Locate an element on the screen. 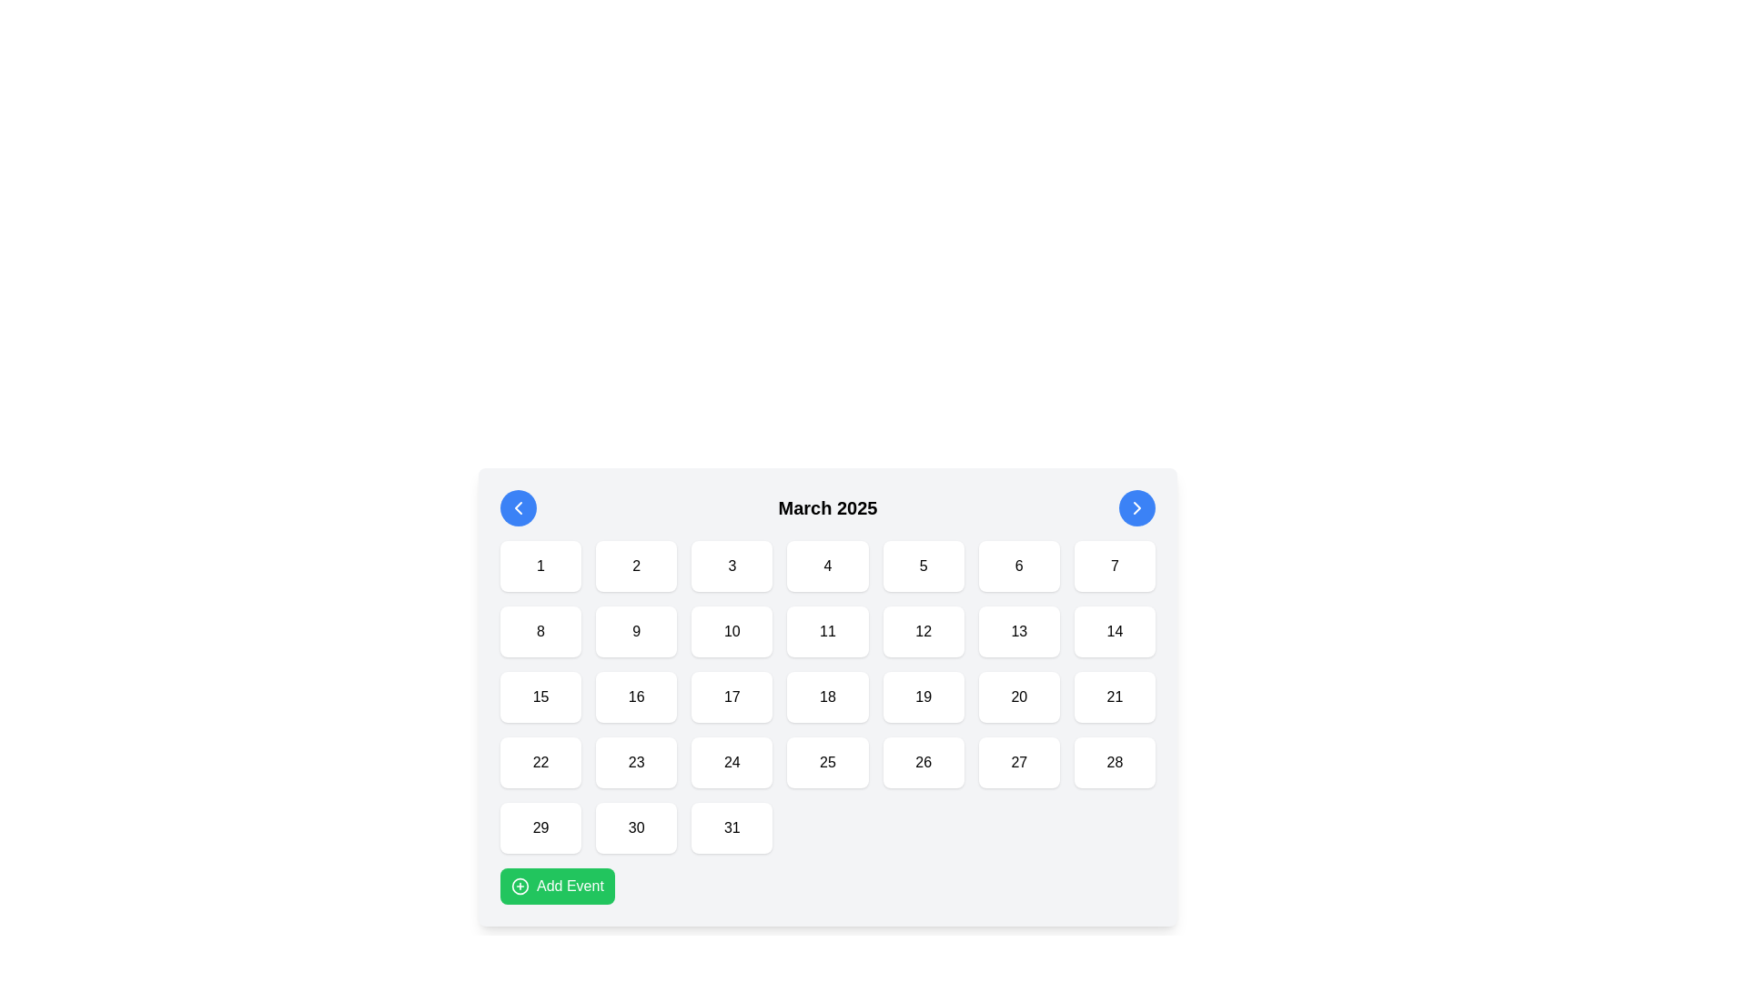 The image size is (1747, 982). the tile representing the date '19' in the calendar grid for March 2025 is located at coordinates (924, 696).